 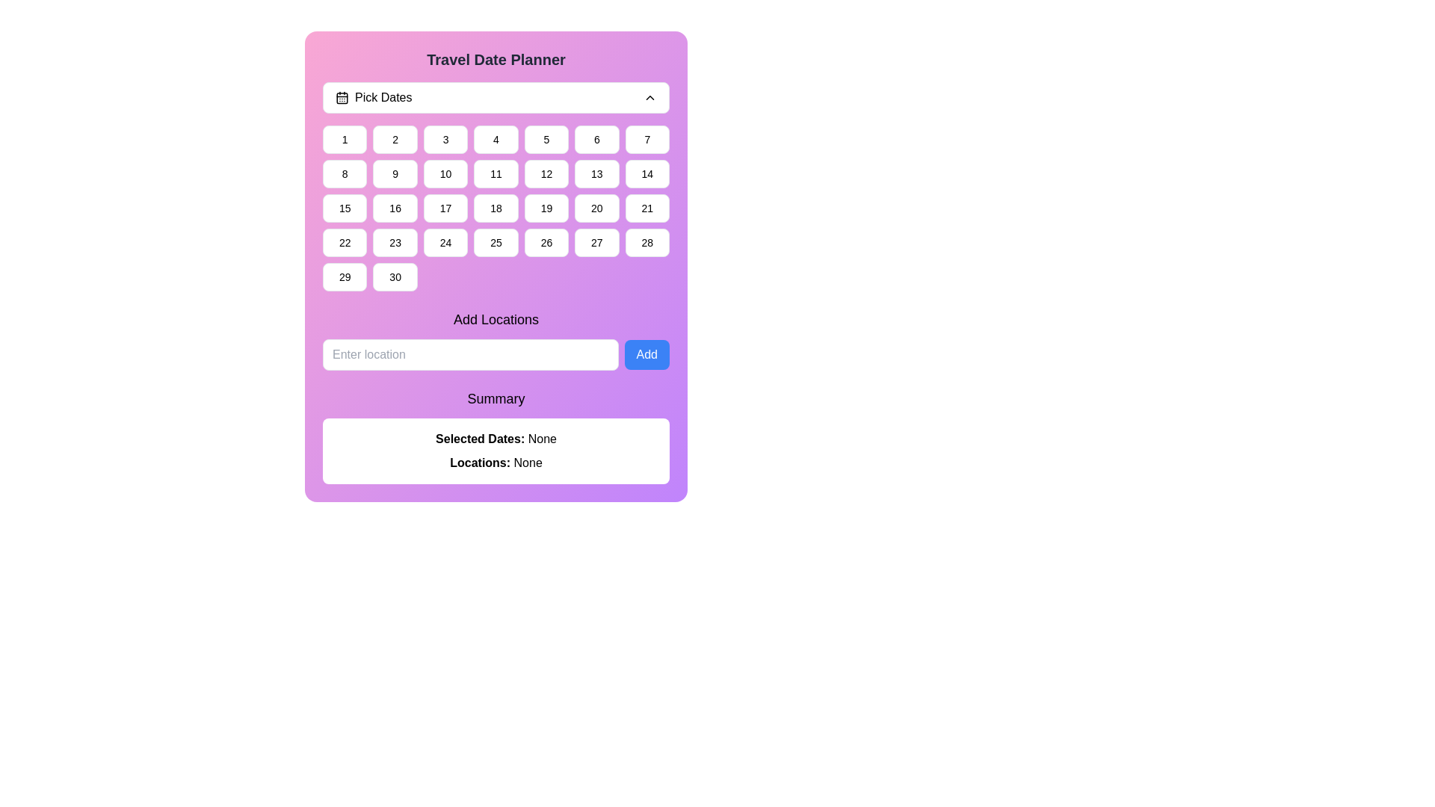 I want to click on the selectable button for the 22nd day in the date picker interface, so click(x=344, y=241).